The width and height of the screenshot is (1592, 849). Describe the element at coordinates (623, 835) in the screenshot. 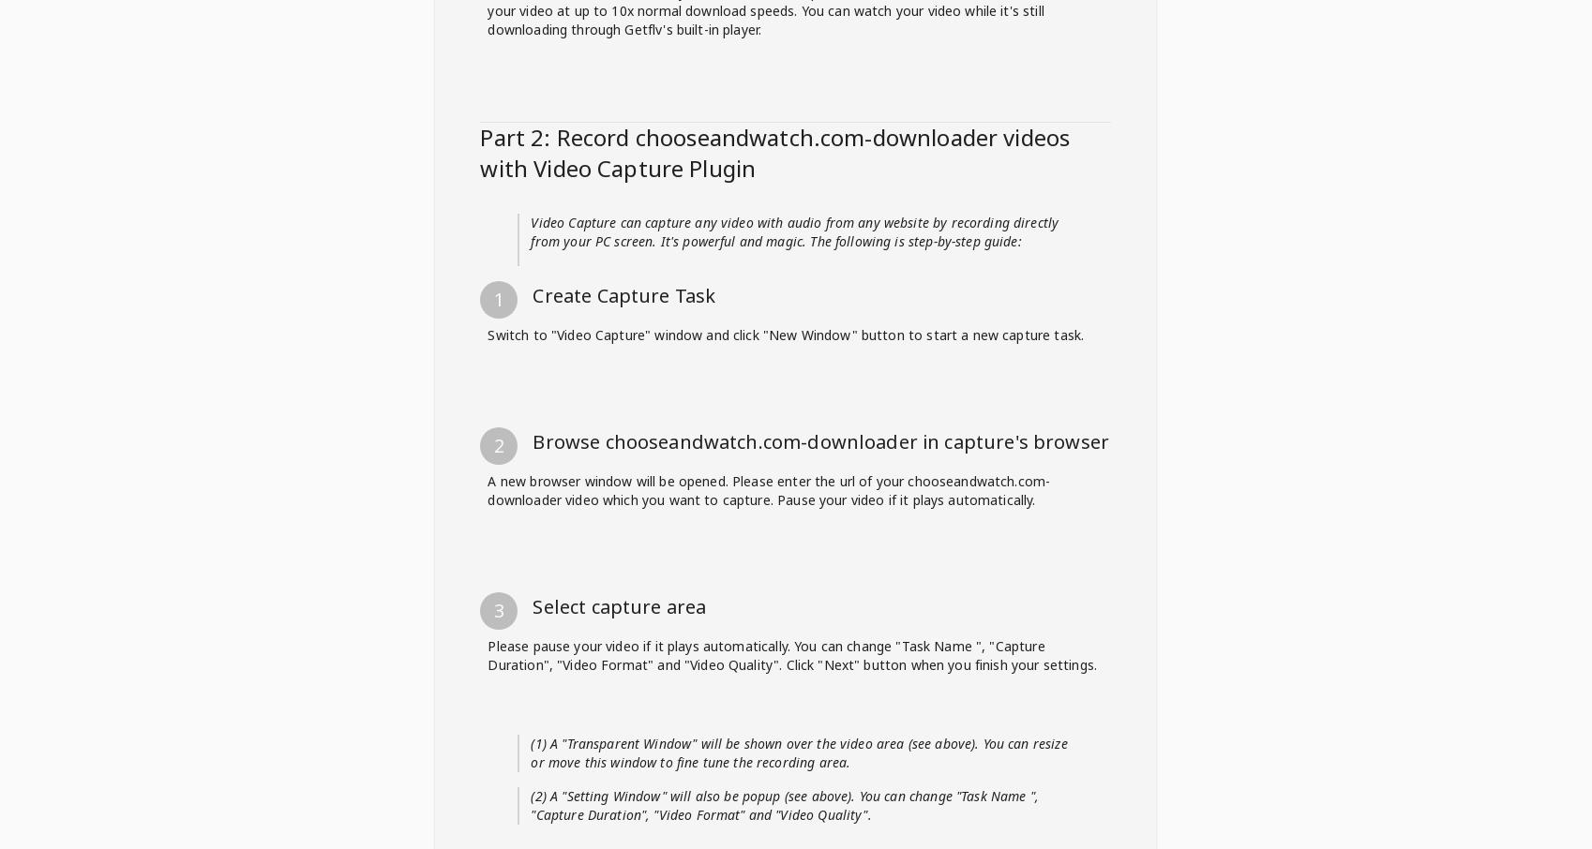

I see `'Create Capture Task'` at that location.